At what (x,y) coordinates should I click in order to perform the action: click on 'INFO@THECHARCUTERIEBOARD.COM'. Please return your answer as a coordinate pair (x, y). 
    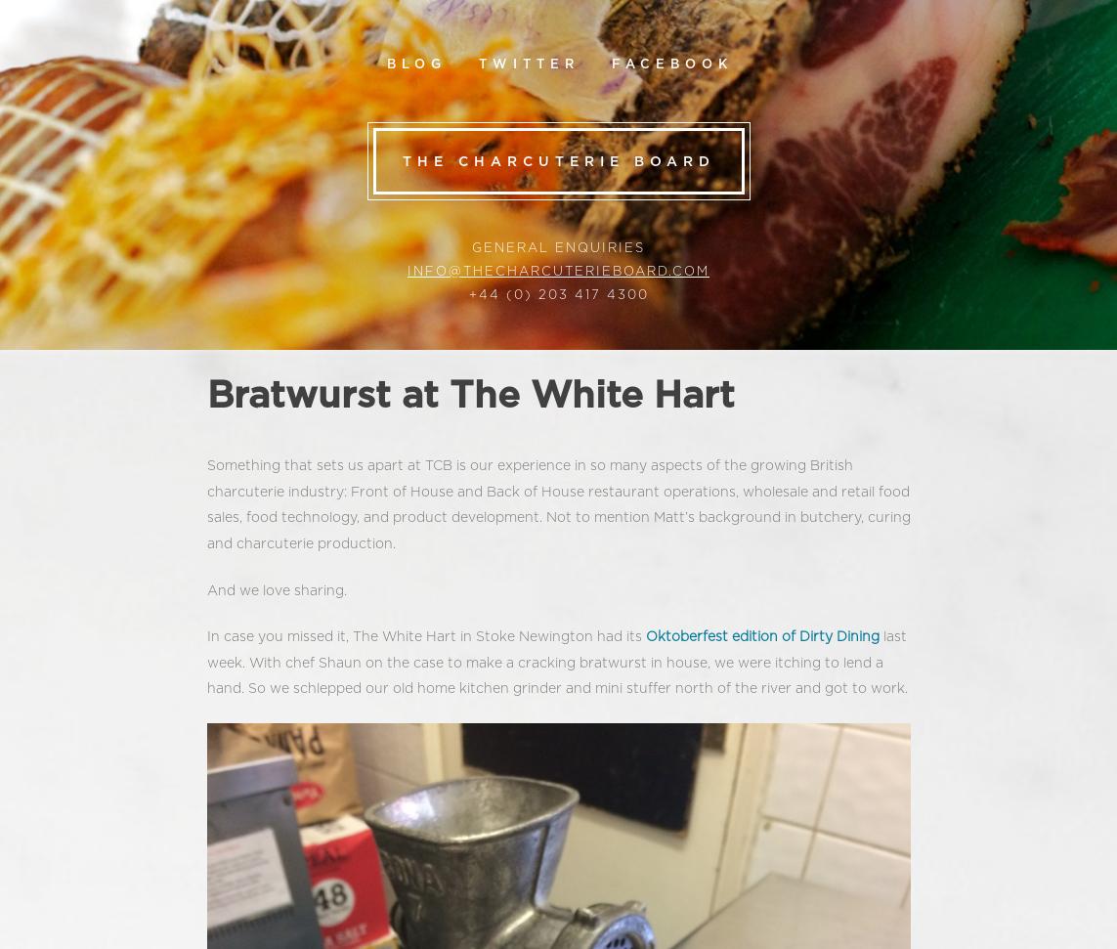
    Looking at the image, I should click on (558, 271).